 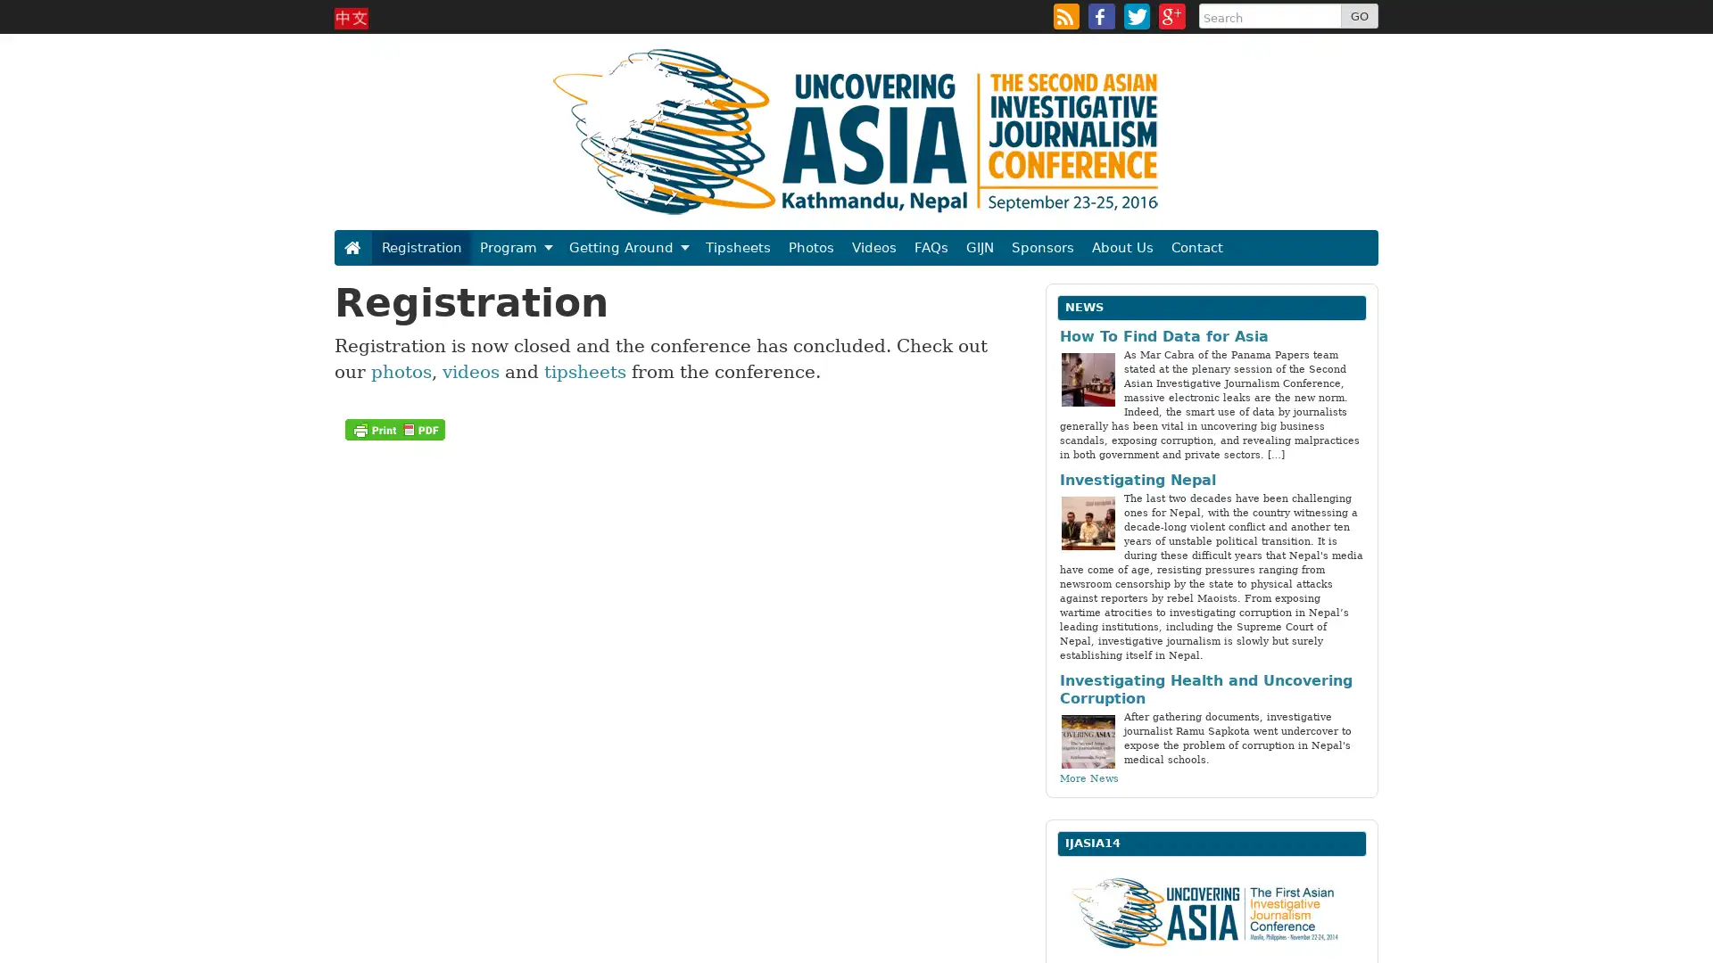 I want to click on GO, so click(x=1358, y=16).